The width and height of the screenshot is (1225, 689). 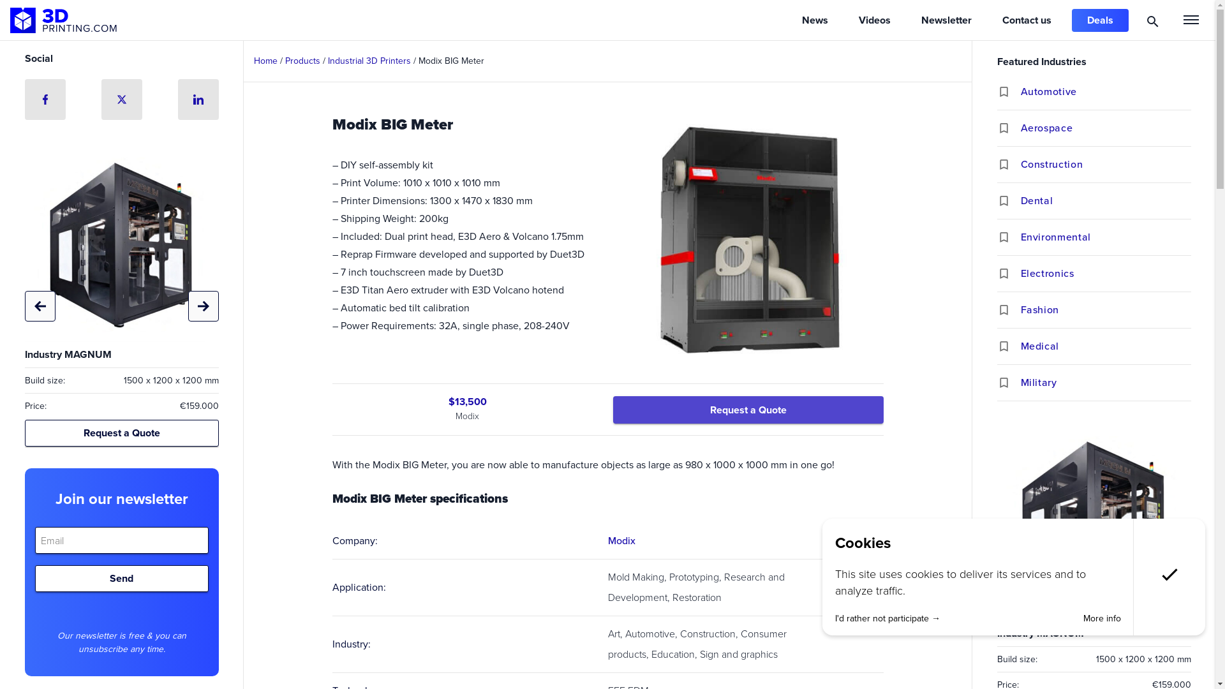 I want to click on 'Home', so click(x=265, y=61).